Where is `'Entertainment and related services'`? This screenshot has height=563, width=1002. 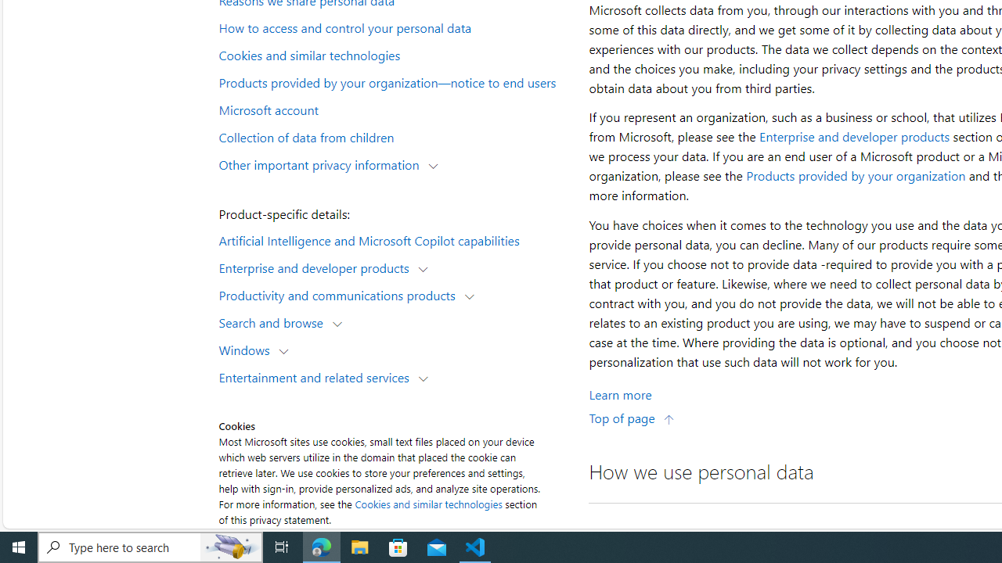 'Entertainment and related services' is located at coordinates (316, 377).